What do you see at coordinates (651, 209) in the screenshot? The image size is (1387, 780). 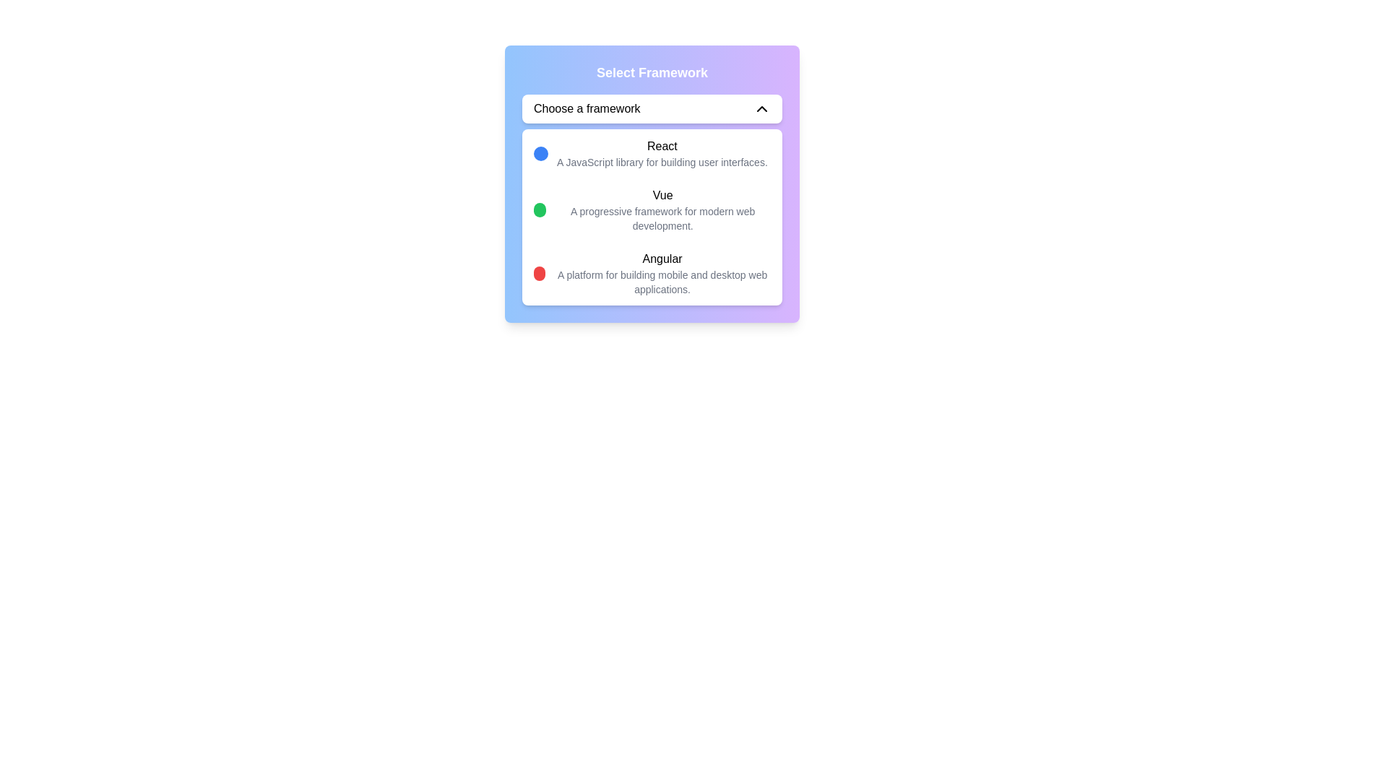 I see `the second list item in the dropdown menu` at bounding box center [651, 209].